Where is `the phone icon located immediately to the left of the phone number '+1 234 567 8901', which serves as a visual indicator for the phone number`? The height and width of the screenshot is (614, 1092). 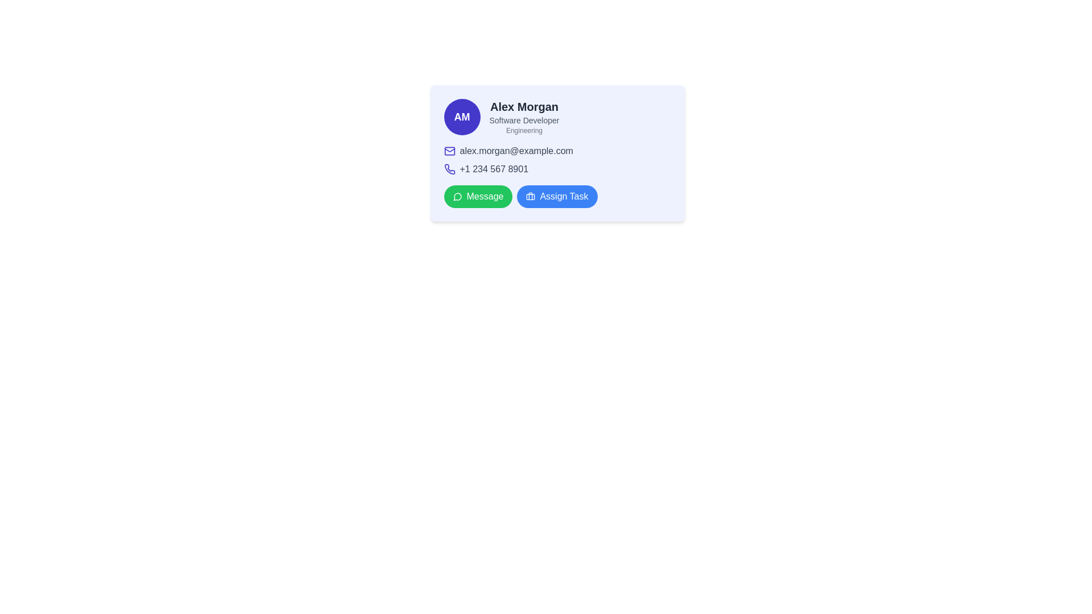 the phone icon located immediately to the left of the phone number '+1 234 567 8901', which serves as a visual indicator for the phone number is located at coordinates (449, 169).